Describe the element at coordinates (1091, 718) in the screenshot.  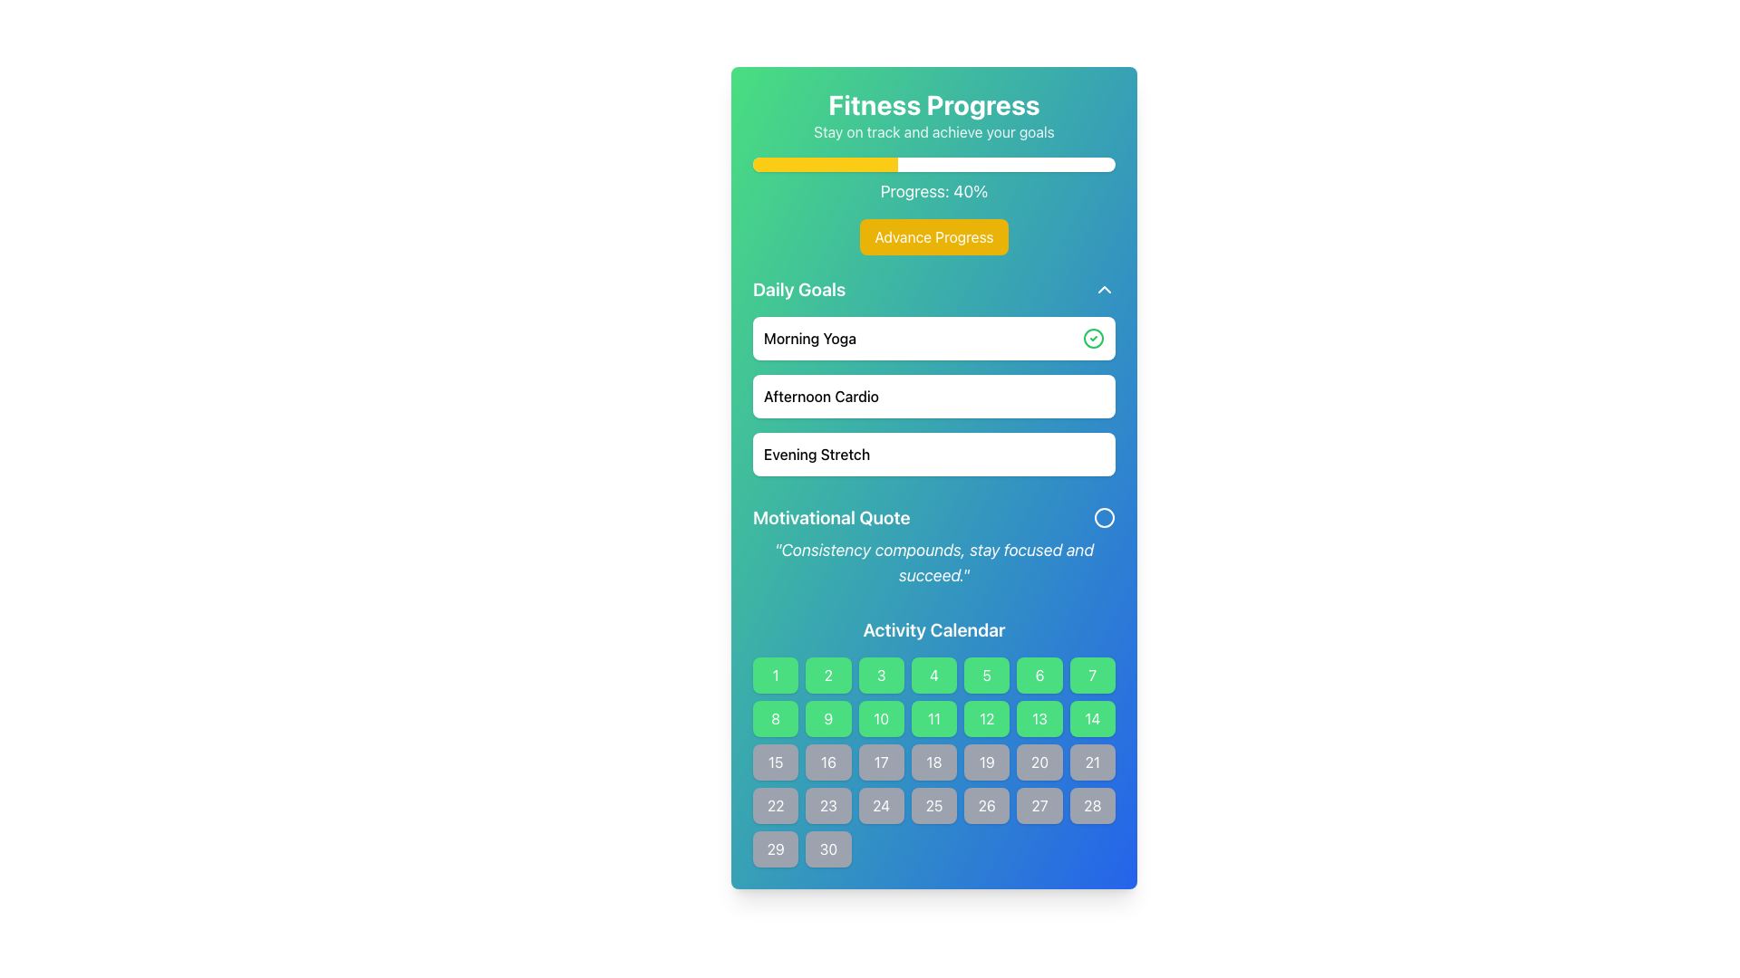
I see `the interactive grid cell displaying the number '14' in the 'Activity Calendar'` at that location.